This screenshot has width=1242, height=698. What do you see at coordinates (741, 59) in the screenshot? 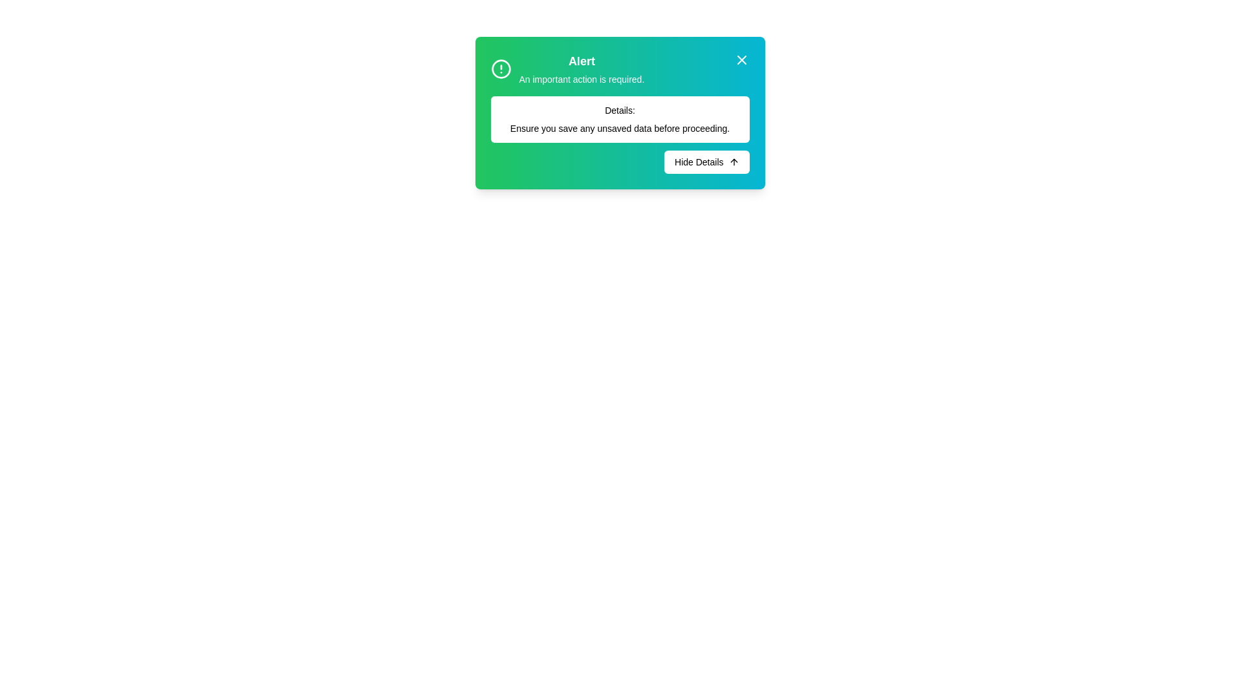
I see `the X-shaped close button located in the top-right corner of the notification dialog` at bounding box center [741, 59].